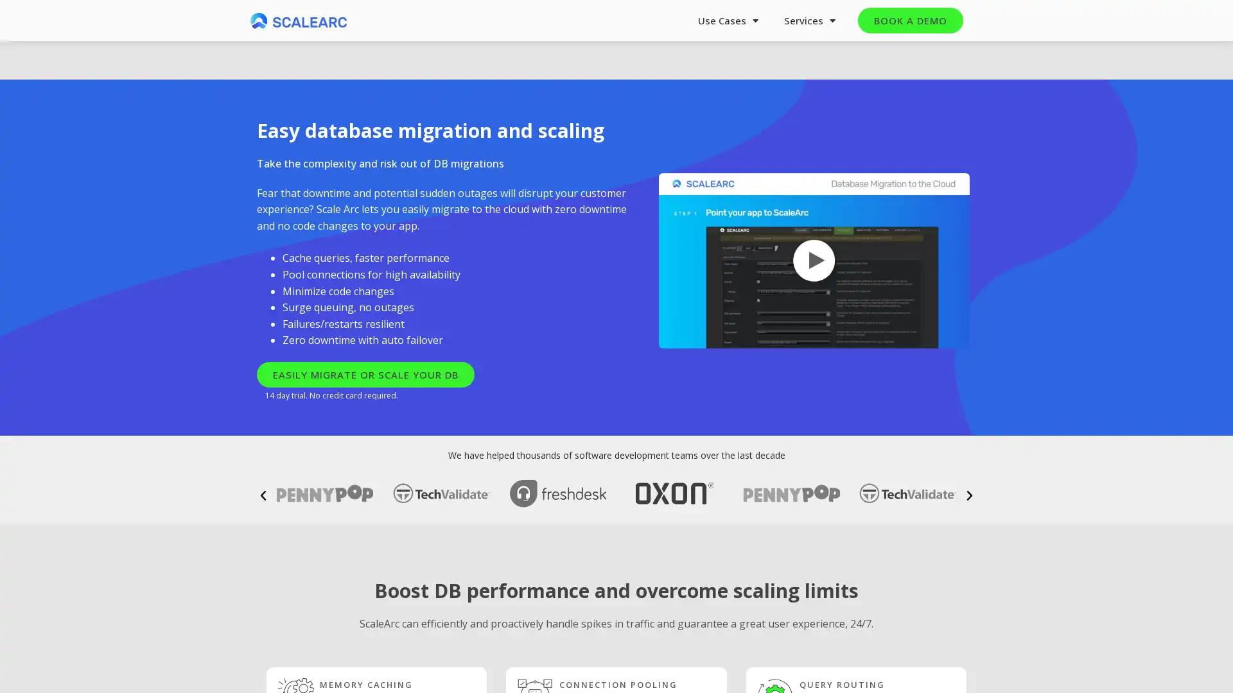 The height and width of the screenshot is (693, 1233). I want to click on Next slide, so click(970, 495).